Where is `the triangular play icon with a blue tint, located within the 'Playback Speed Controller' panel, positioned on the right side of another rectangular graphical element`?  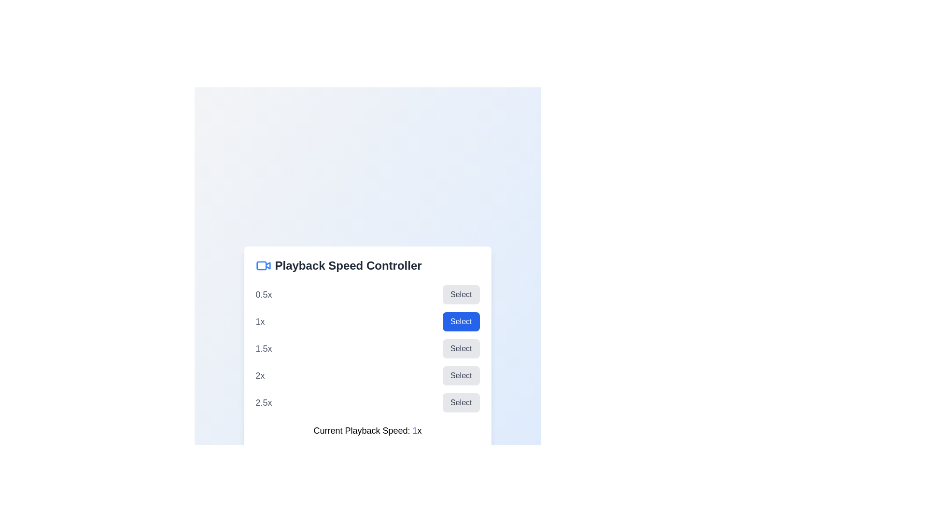
the triangular play icon with a blue tint, located within the 'Playback Speed Controller' panel, positioned on the right side of another rectangular graphical element is located at coordinates (267, 265).